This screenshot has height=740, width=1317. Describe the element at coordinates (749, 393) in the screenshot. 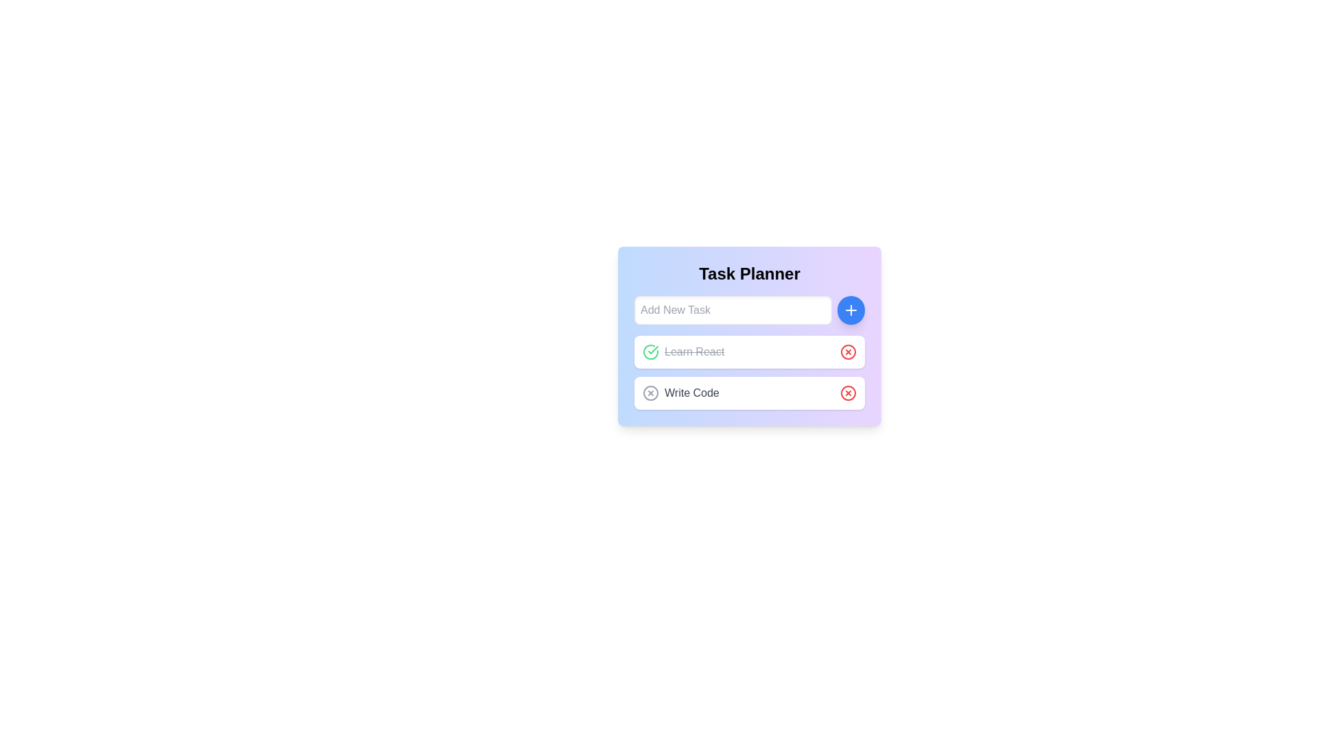

I see `the task item 'Write Code' in the task management interface` at that location.